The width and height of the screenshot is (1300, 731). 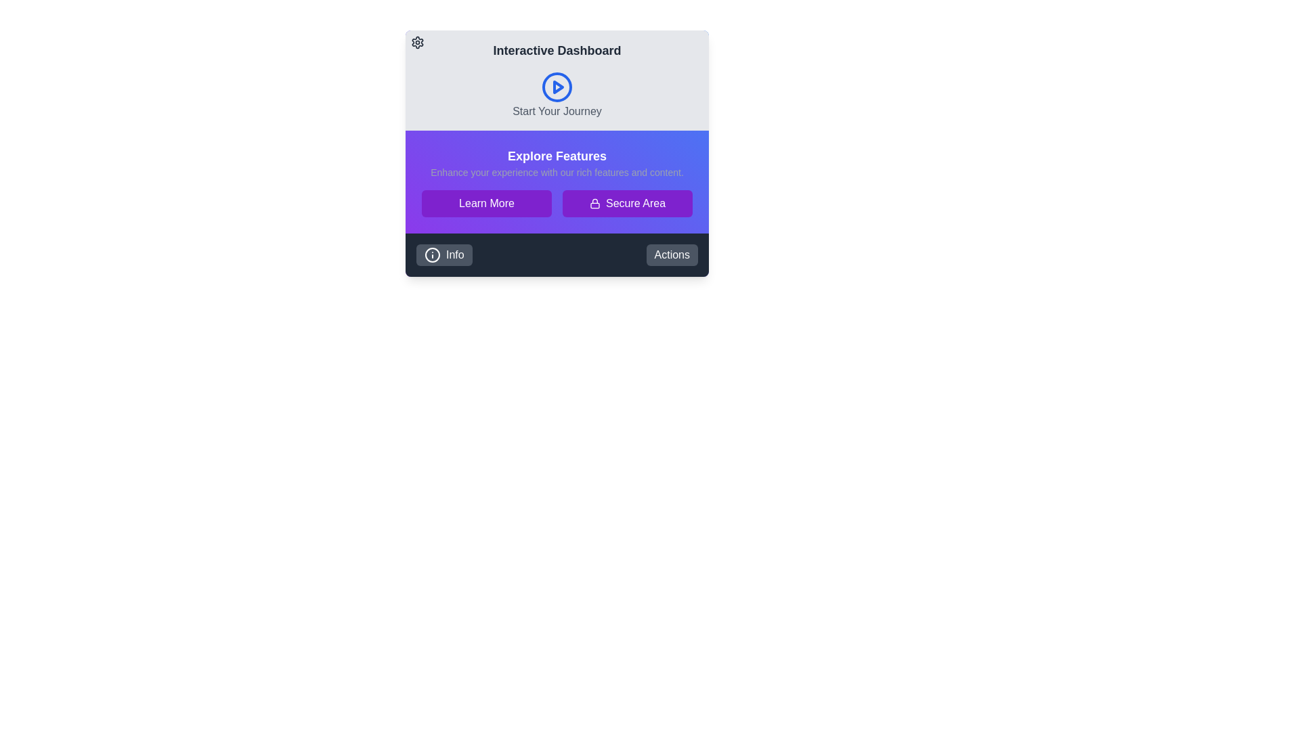 I want to click on the label for the button located in the middle section of the card-like widget, positioned, so click(x=487, y=203).